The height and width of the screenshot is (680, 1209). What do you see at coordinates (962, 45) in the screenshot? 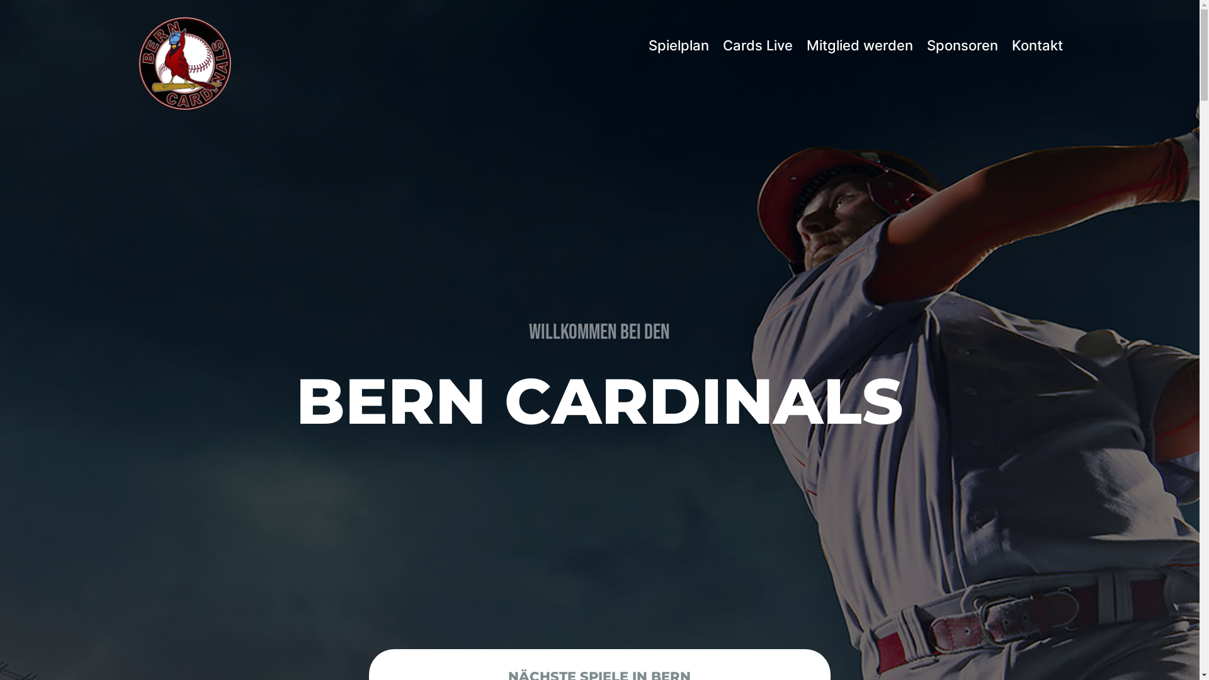
I see `'Sponsoren'` at bounding box center [962, 45].